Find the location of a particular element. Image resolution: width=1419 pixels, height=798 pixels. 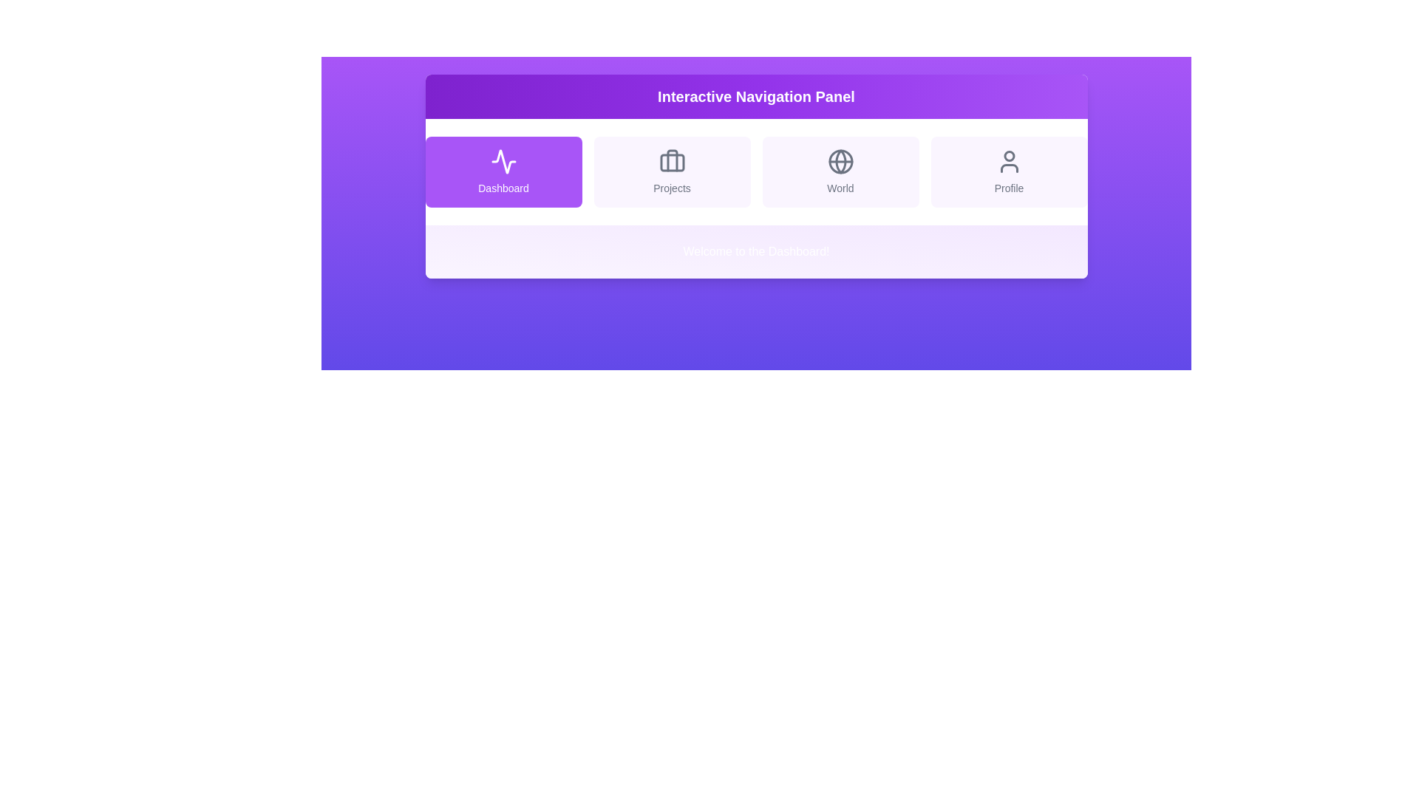

the innermost circle of the 'World' icon group, which has a stroke width of 2 units and is part of a globe-like SVG graphic is located at coordinates (840, 162).